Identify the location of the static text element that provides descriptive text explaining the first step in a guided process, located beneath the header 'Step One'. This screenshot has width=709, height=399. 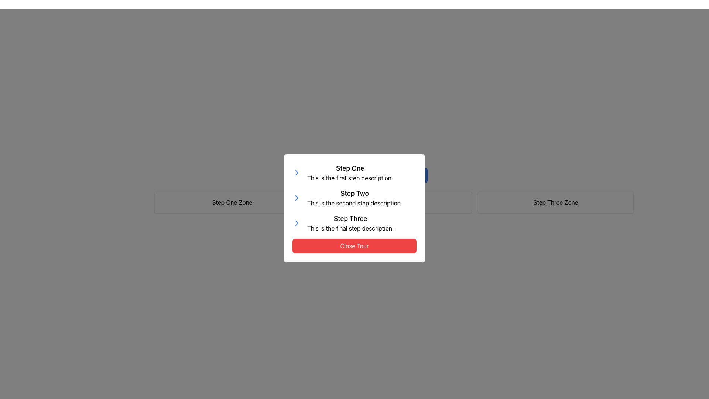
(350, 178).